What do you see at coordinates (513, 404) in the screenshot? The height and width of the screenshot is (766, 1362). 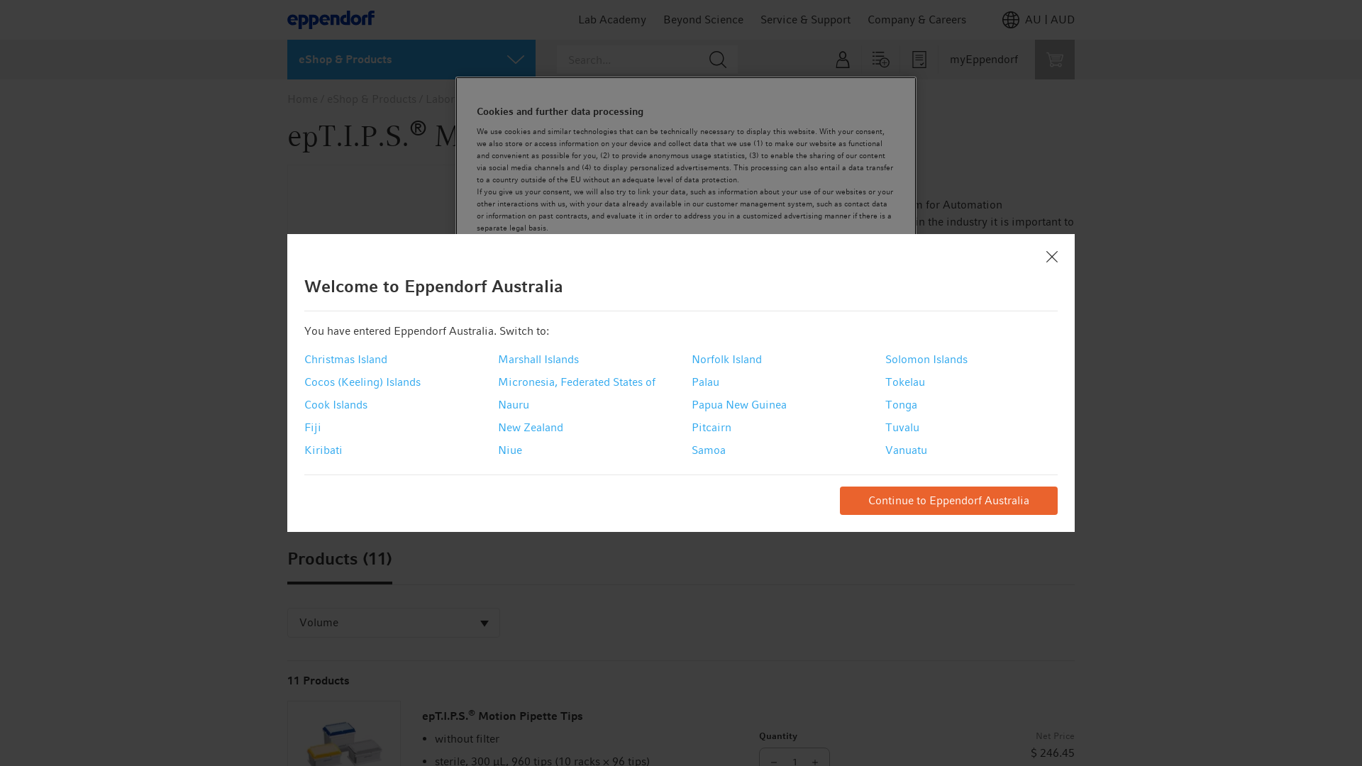 I see `'Nauru'` at bounding box center [513, 404].